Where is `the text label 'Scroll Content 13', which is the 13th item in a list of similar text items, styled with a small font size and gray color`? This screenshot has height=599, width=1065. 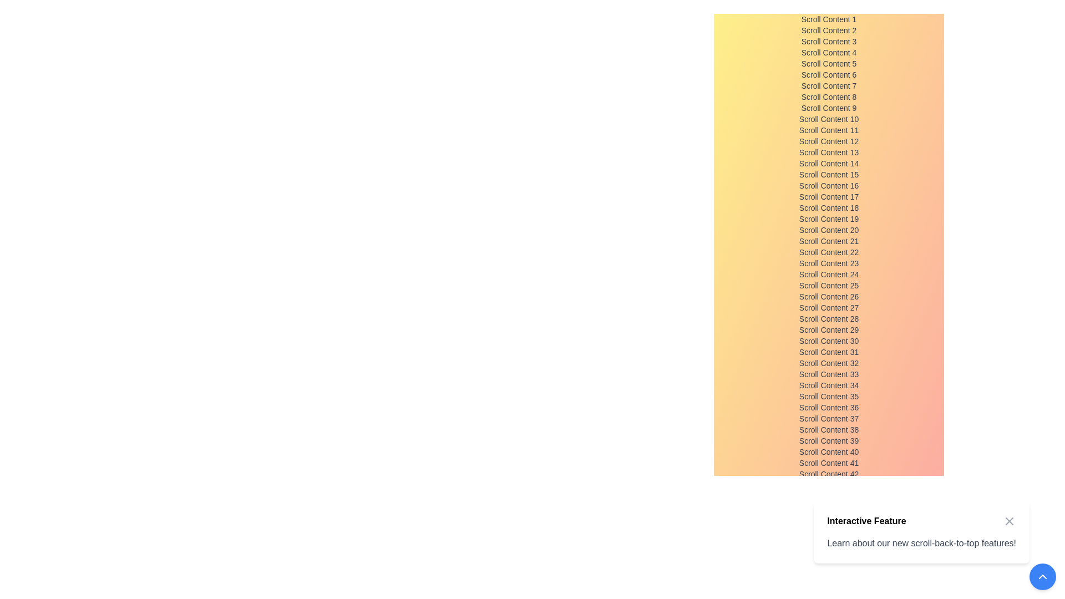
the text label 'Scroll Content 13', which is the 13th item in a list of similar text items, styled with a small font size and gray color is located at coordinates (829, 152).